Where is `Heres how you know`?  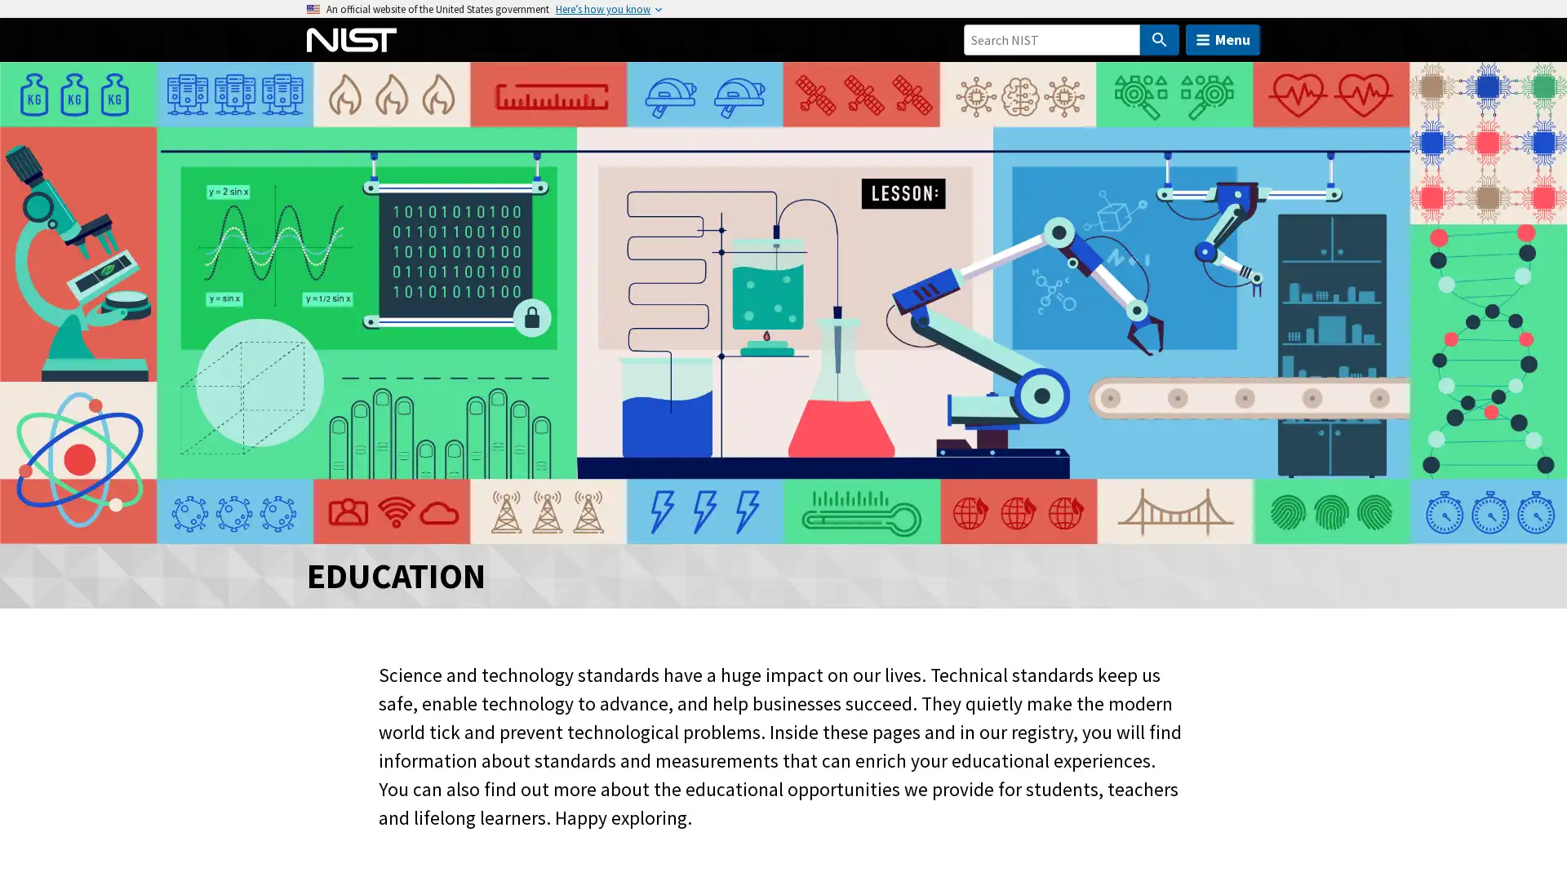
Heres how you know is located at coordinates (602, 9).